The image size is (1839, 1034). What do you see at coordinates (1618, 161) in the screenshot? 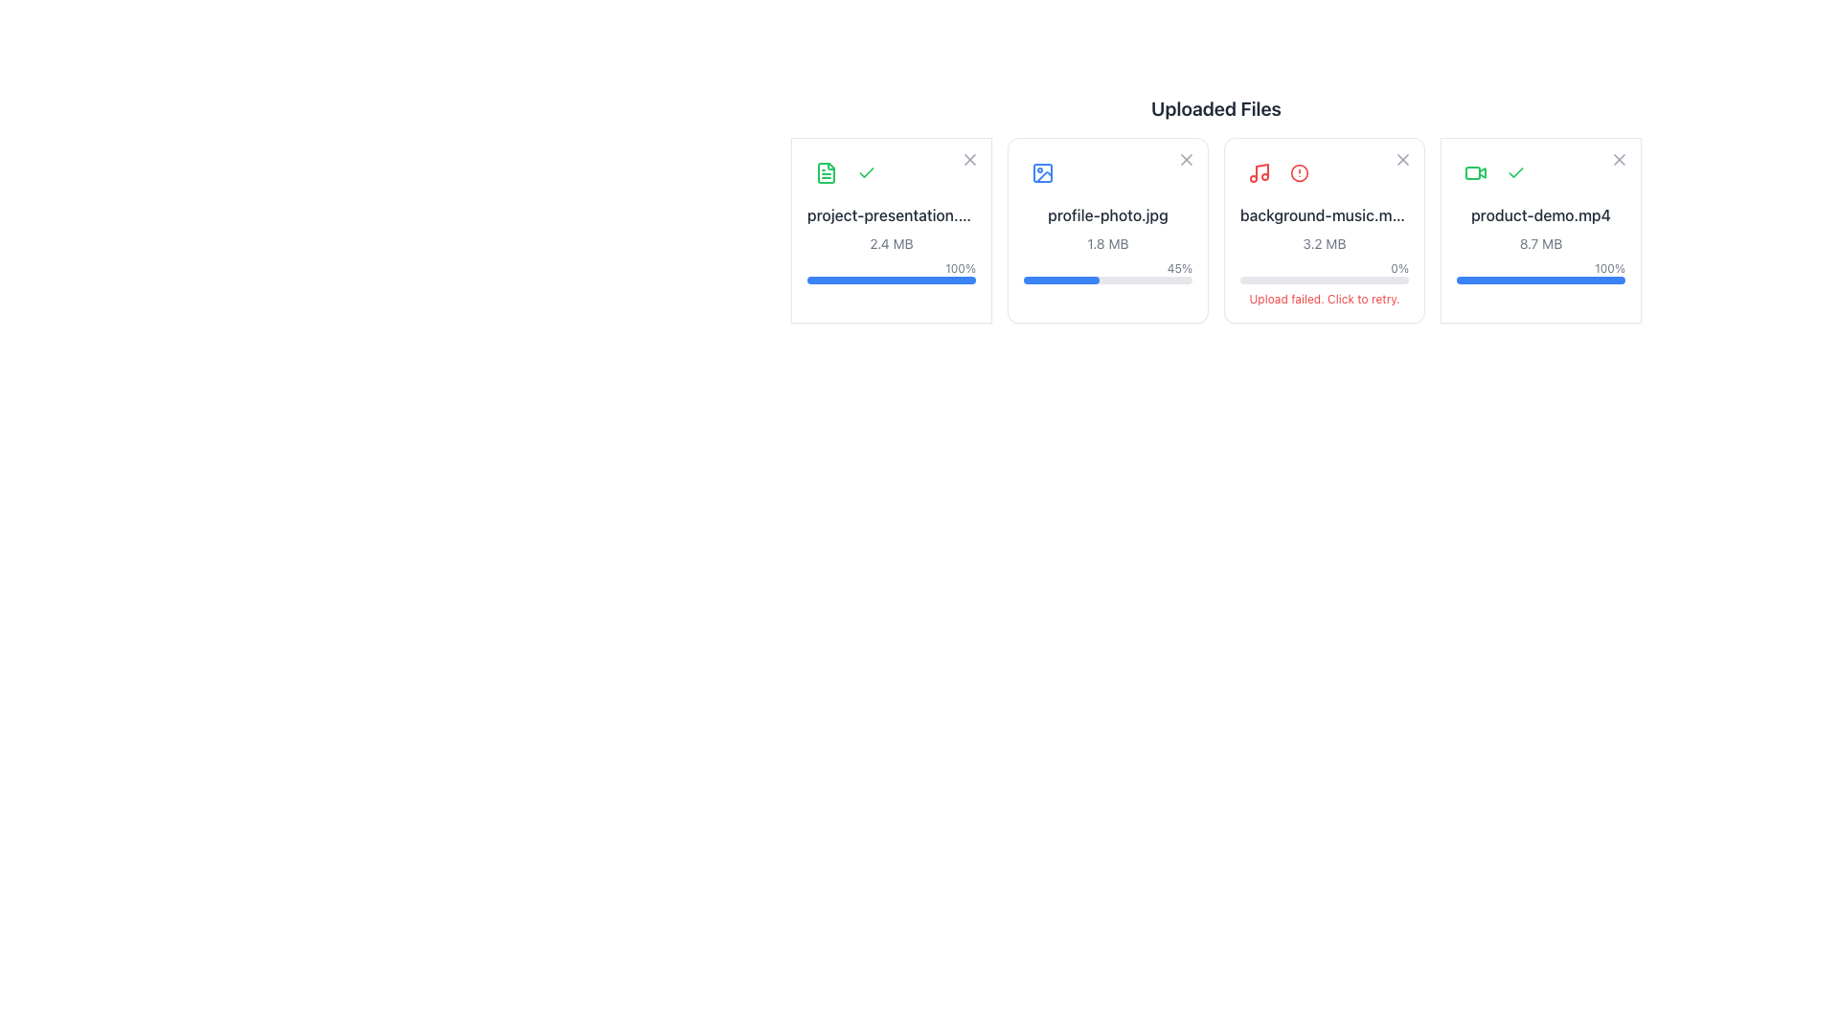
I see `the close button (X symbol) located at the top-right corner of the 'product-demo.mp4' file card` at bounding box center [1618, 161].